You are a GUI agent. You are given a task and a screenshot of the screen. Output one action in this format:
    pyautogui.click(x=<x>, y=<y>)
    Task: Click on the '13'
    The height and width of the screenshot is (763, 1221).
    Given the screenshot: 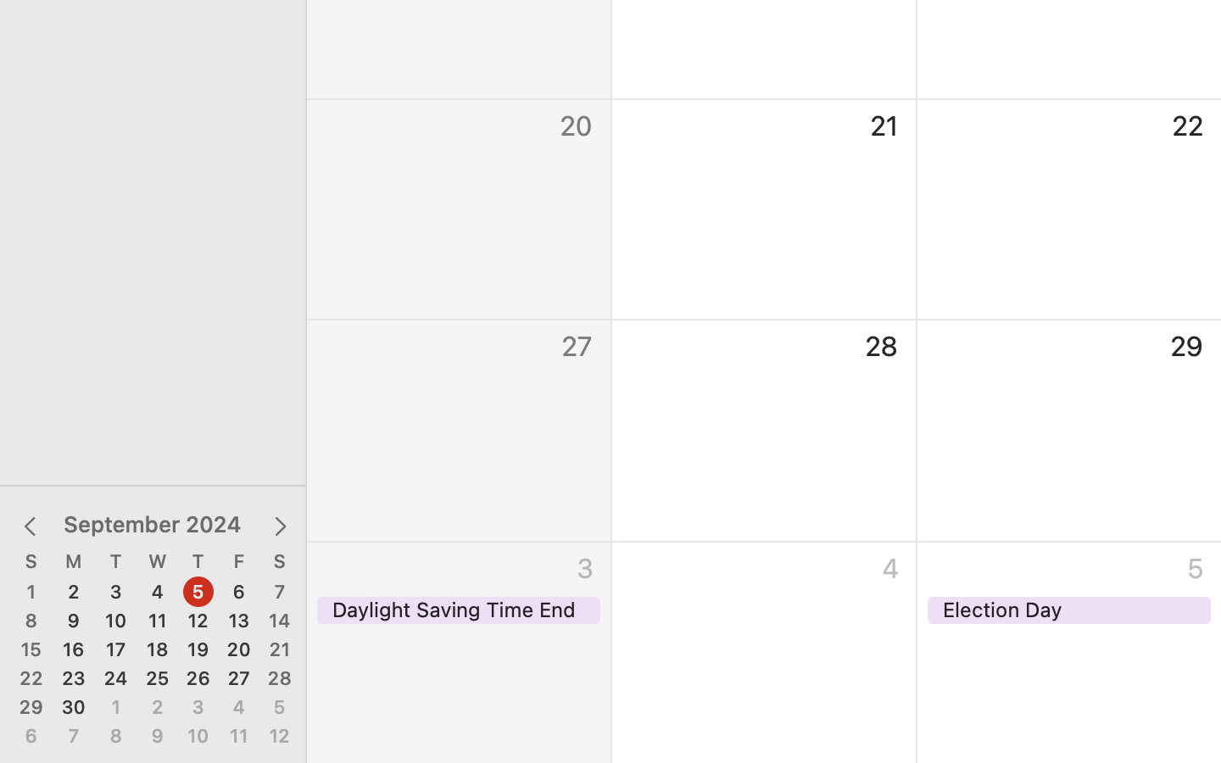 What is the action you would take?
    pyautogui.click(x=237, y=620)
    